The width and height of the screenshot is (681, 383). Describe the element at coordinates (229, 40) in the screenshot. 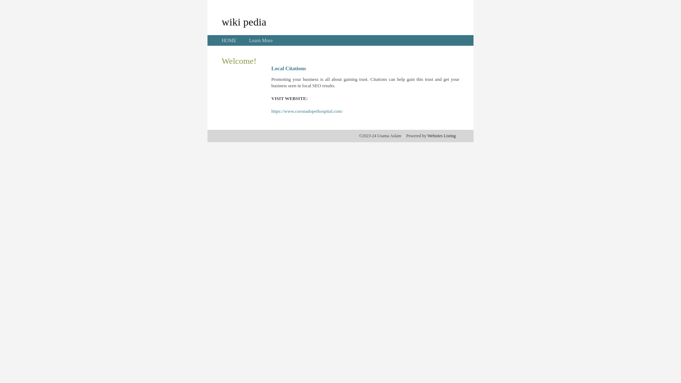

I see `'HOME'` at that location.